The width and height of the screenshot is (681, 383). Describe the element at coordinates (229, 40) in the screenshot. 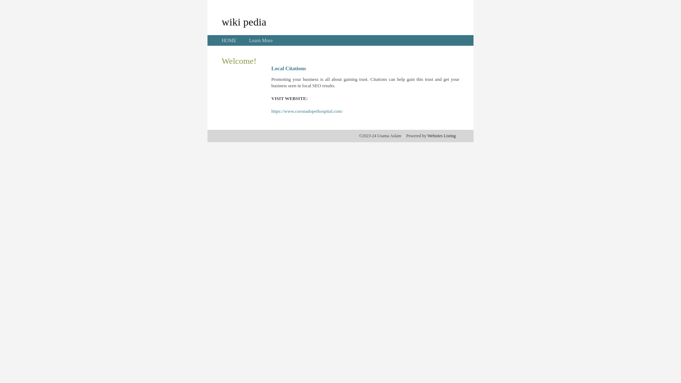

I see `'HOME'` at that location.